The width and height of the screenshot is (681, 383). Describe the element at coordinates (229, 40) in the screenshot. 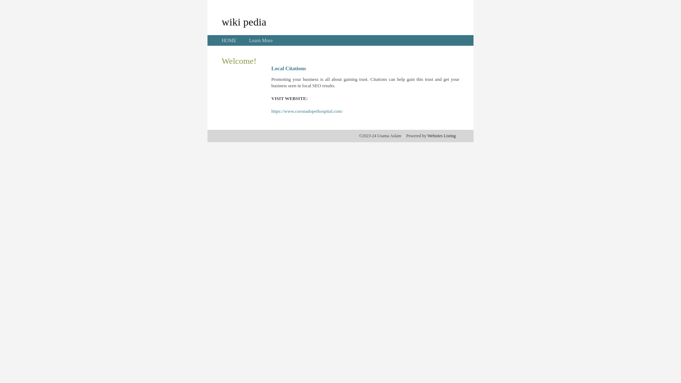

I see `'HOME'` at that location.